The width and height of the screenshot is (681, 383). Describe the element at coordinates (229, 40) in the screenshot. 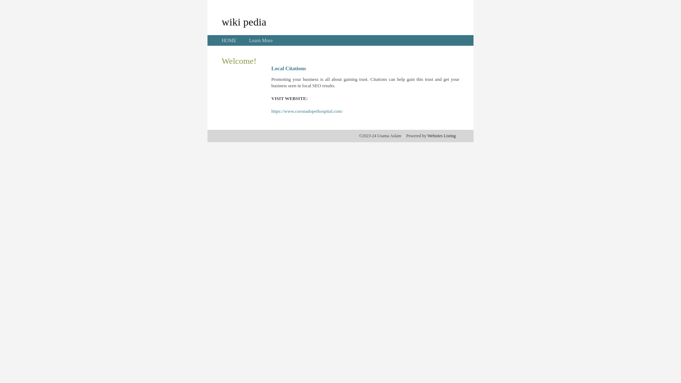

I see `'HOME'` at that location.